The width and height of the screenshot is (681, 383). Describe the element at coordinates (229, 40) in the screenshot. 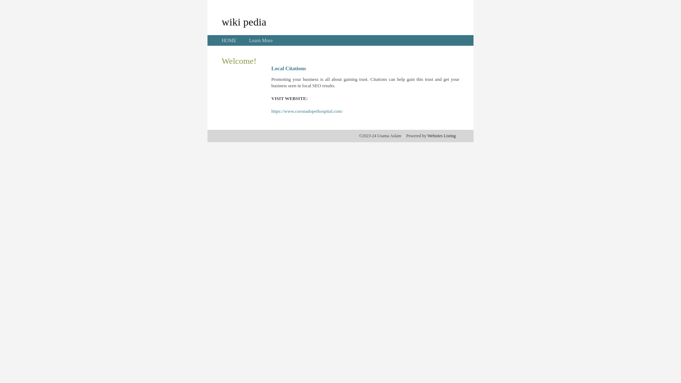

I see `'HOME'` at that location.